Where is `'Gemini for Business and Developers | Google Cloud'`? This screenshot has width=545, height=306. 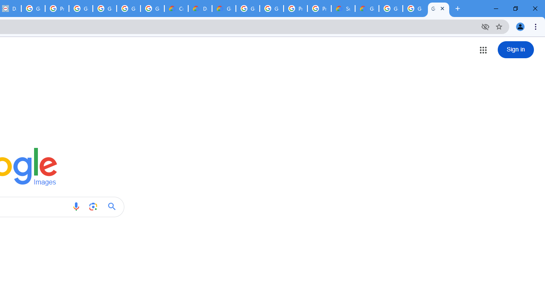 'Gemini for Business and Developers | Google Cloud' is located at coordinates (224, 8).